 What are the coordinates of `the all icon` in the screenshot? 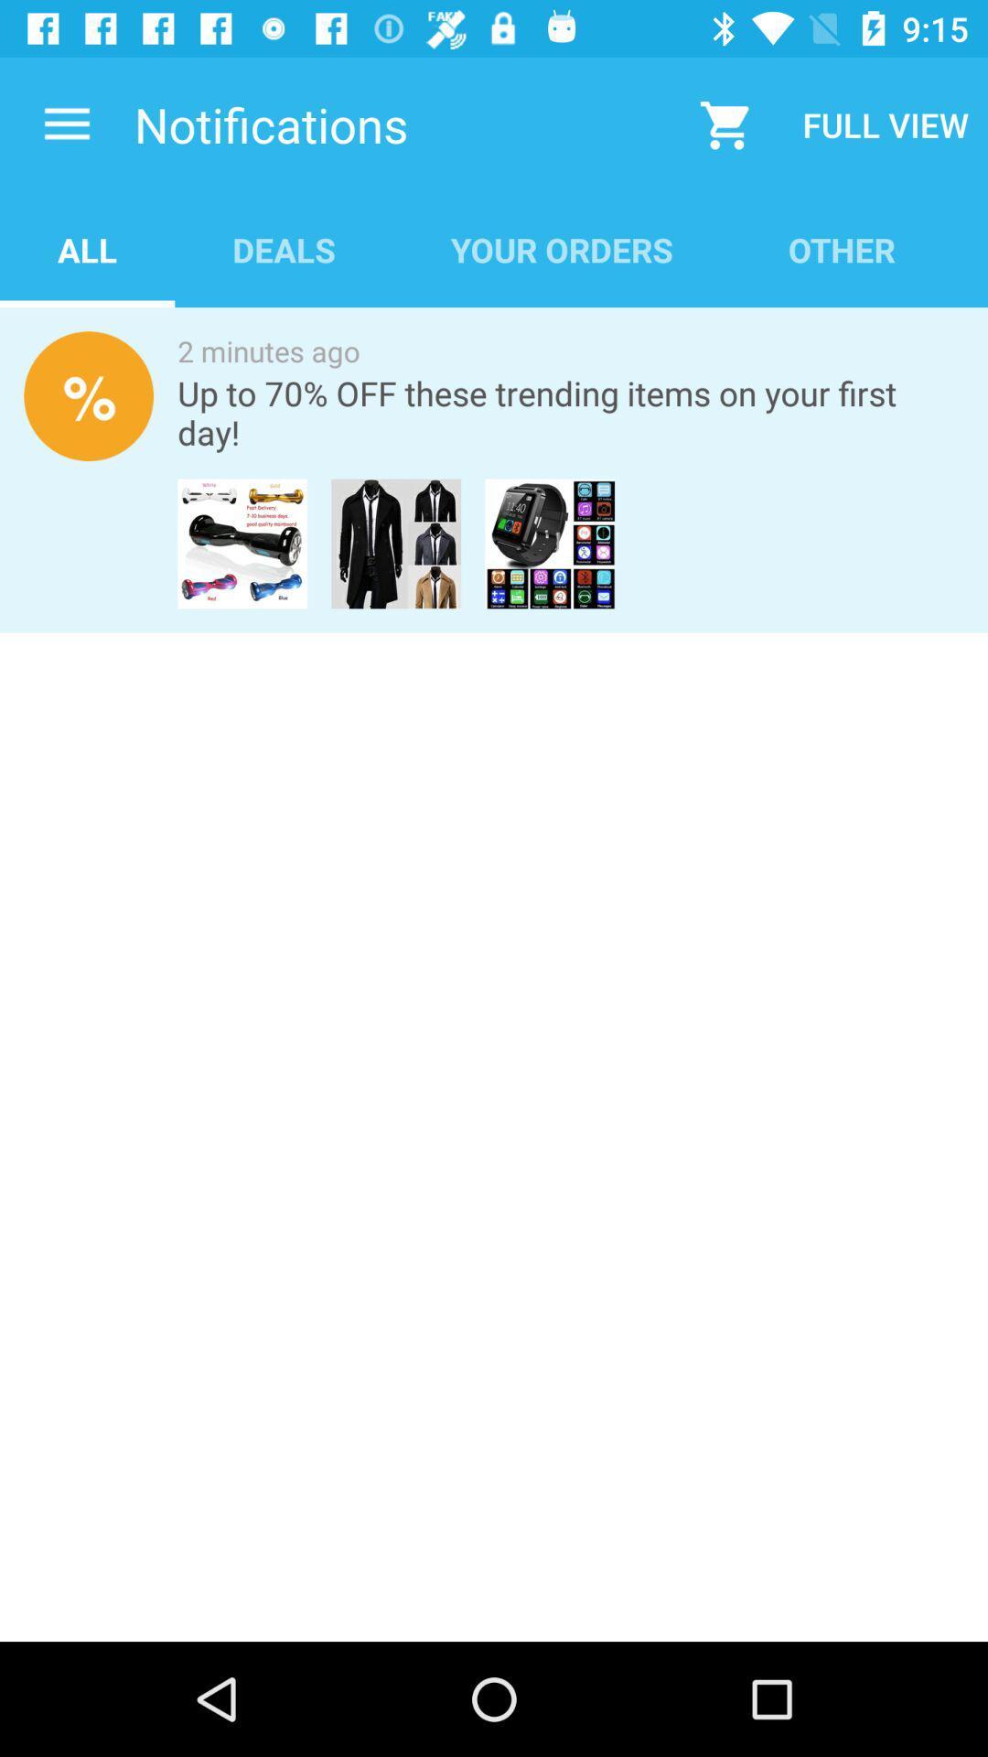 It's located at (87, 249).